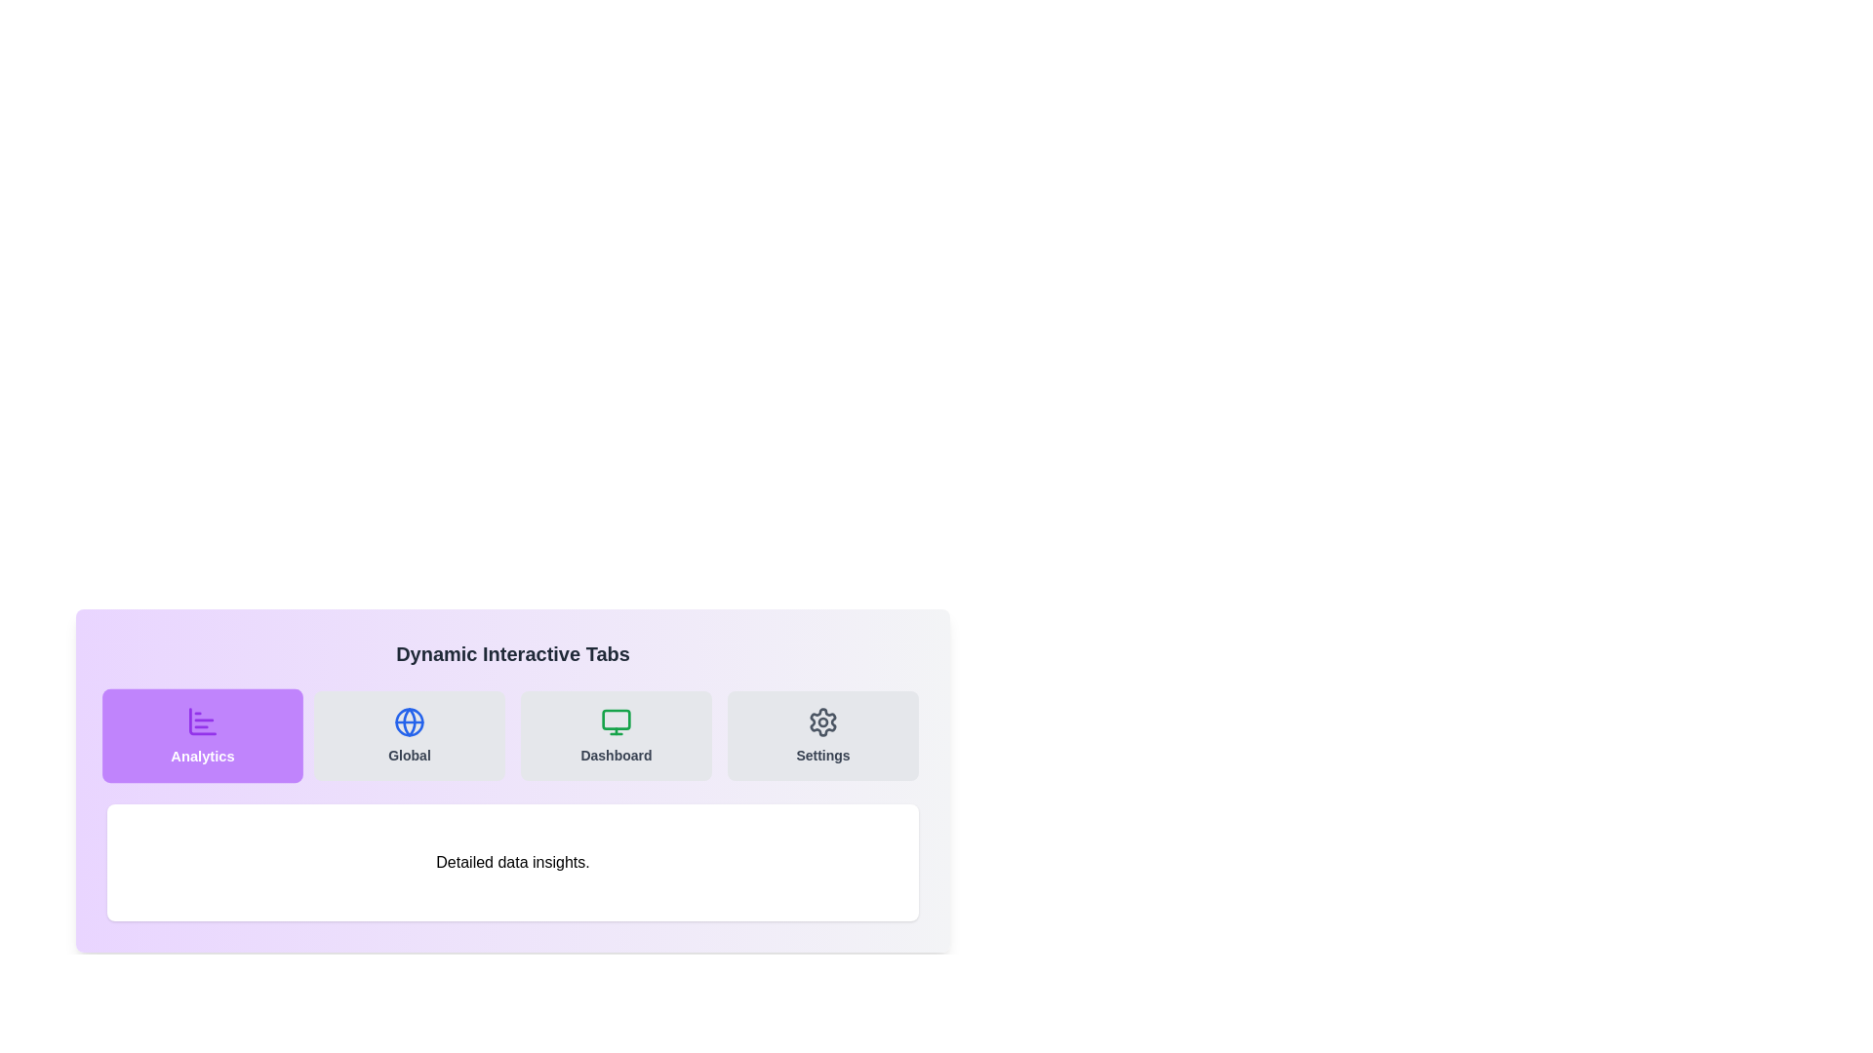 This screenshot has width=1873, height=1053. What do you see at coordinates (823, 721) in the screenshot?
I see `the settings icon, which is represented by a cogwheel or gear, located in the first graphical part of the 'Settings' section in the fourth column of the grid layout` at bounding box center [823, 721].